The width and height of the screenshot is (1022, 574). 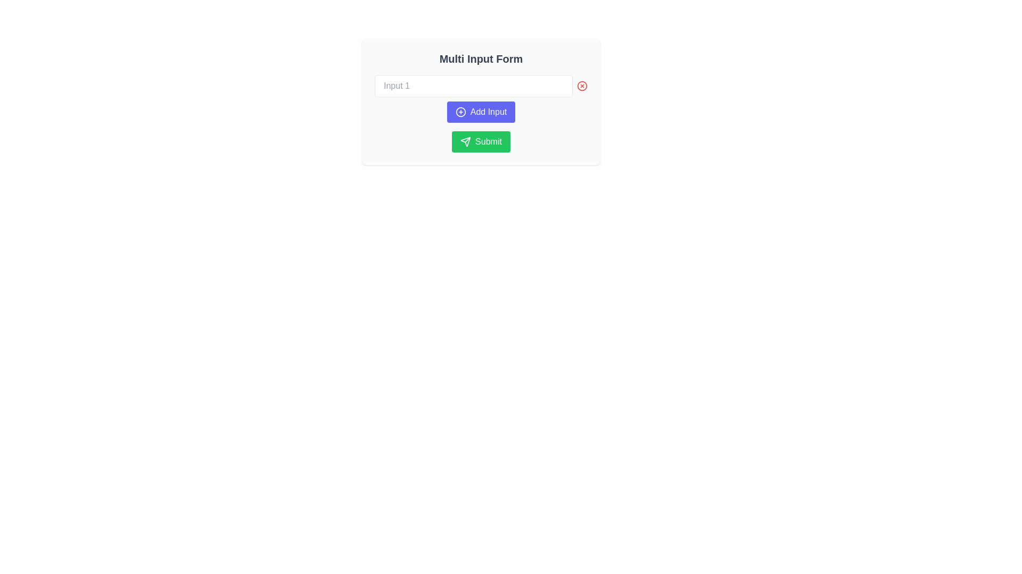 I want to click on the graphic icon embedded in the 'Submit' button, so click(x=466, y=141).